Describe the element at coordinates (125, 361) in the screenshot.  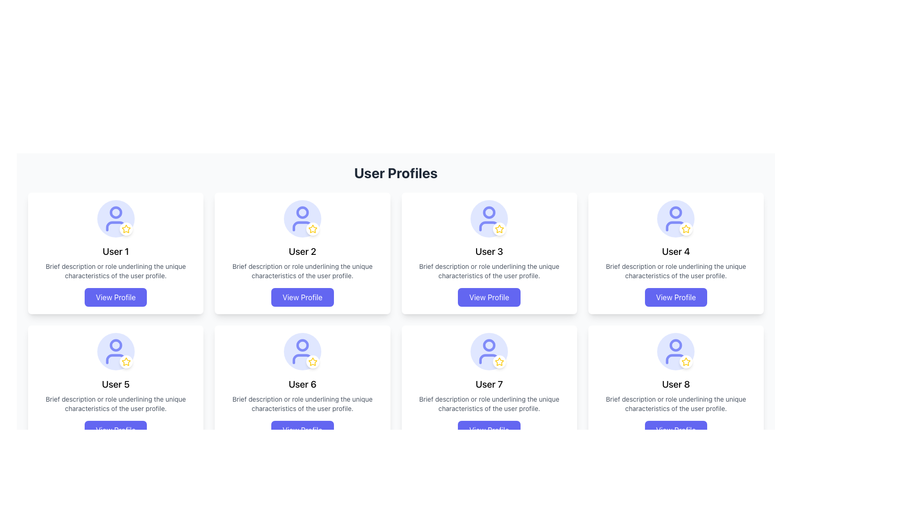
I see `the star icon located at the bottom-right corner of 'User 5's card, which symbolizes a rating or favorite feature` at that location.